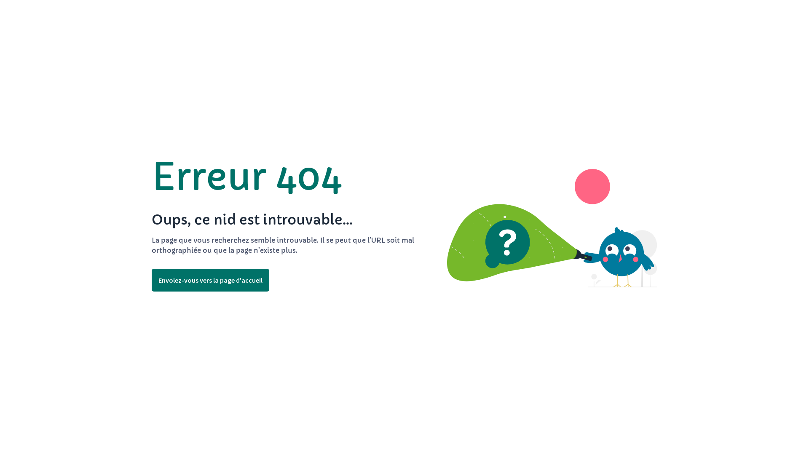  Describe the element at coordinates (210, 280) in the screenshot. I see `'Envolez-vous vers la page d'accueil'` at that location.